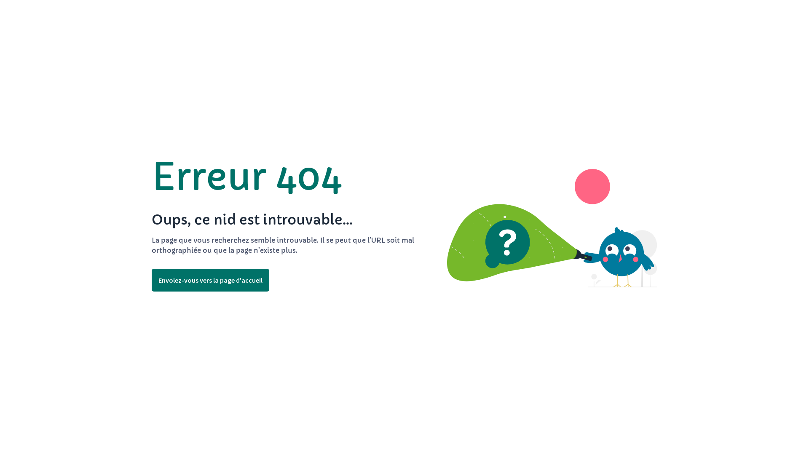  Describe the element at coordinates (210, 280) in the screenshot. I see `'Envolez-vous vers la page d'accueil'` at that location.